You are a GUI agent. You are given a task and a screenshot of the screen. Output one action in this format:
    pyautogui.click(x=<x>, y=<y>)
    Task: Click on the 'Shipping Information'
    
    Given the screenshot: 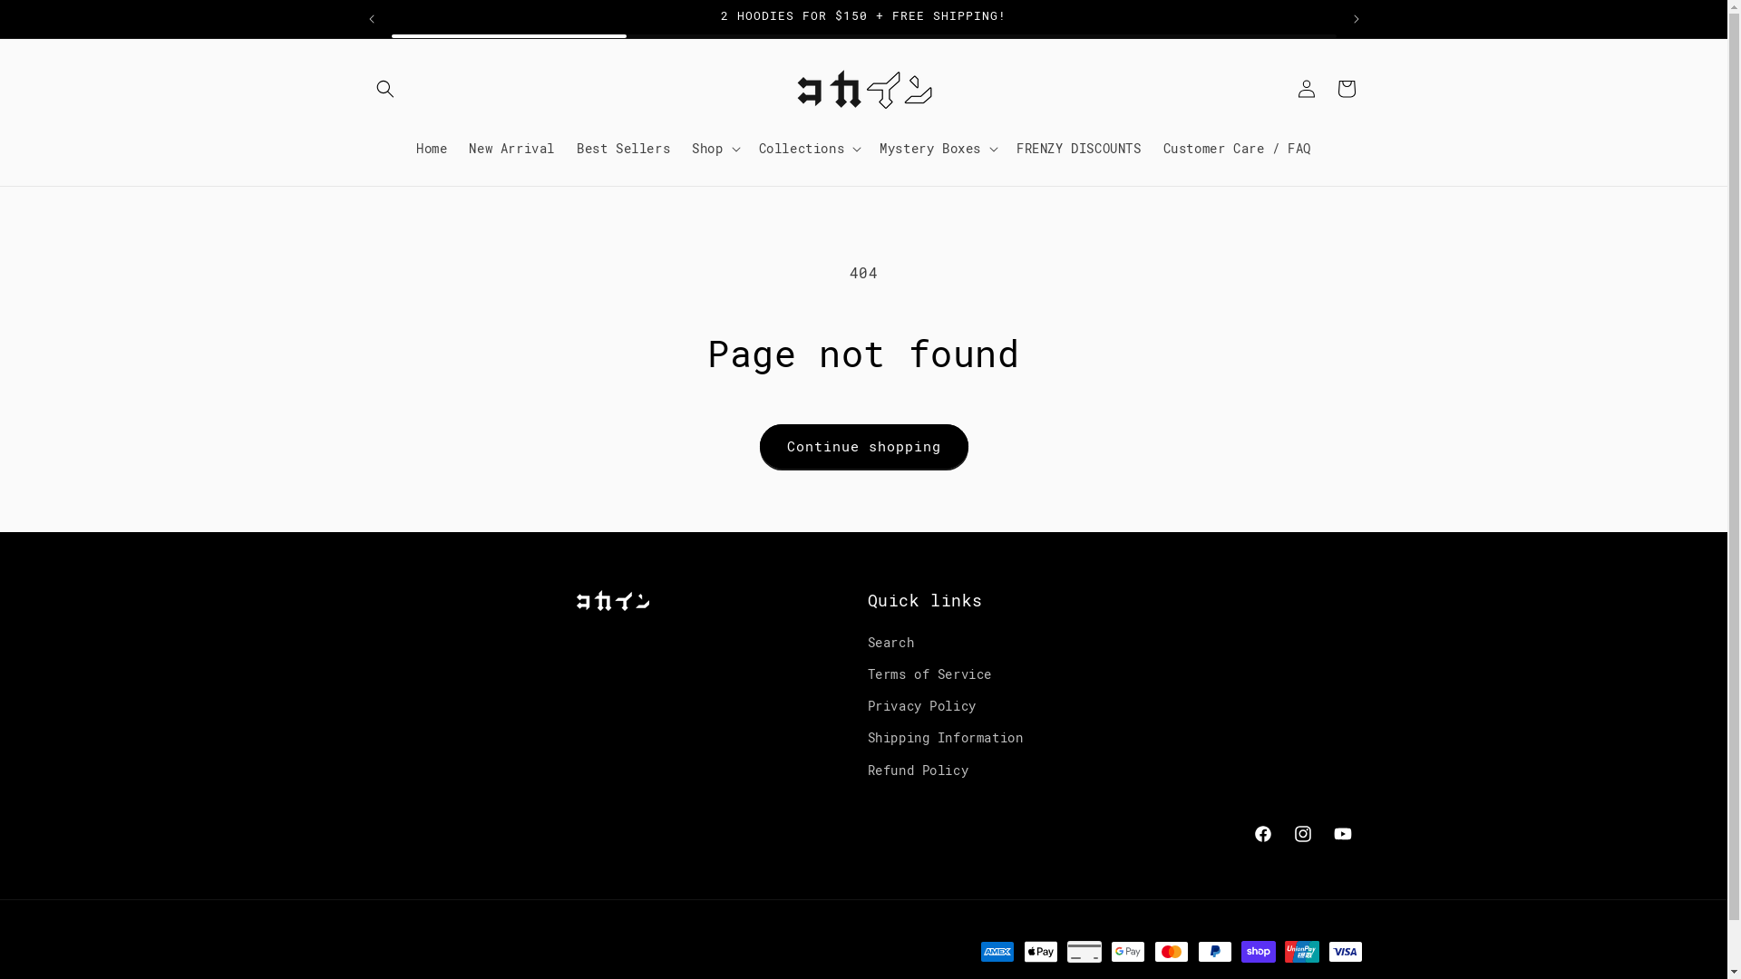 What is the action you would take?
    pyautogui.click(x=943, y=738)
    